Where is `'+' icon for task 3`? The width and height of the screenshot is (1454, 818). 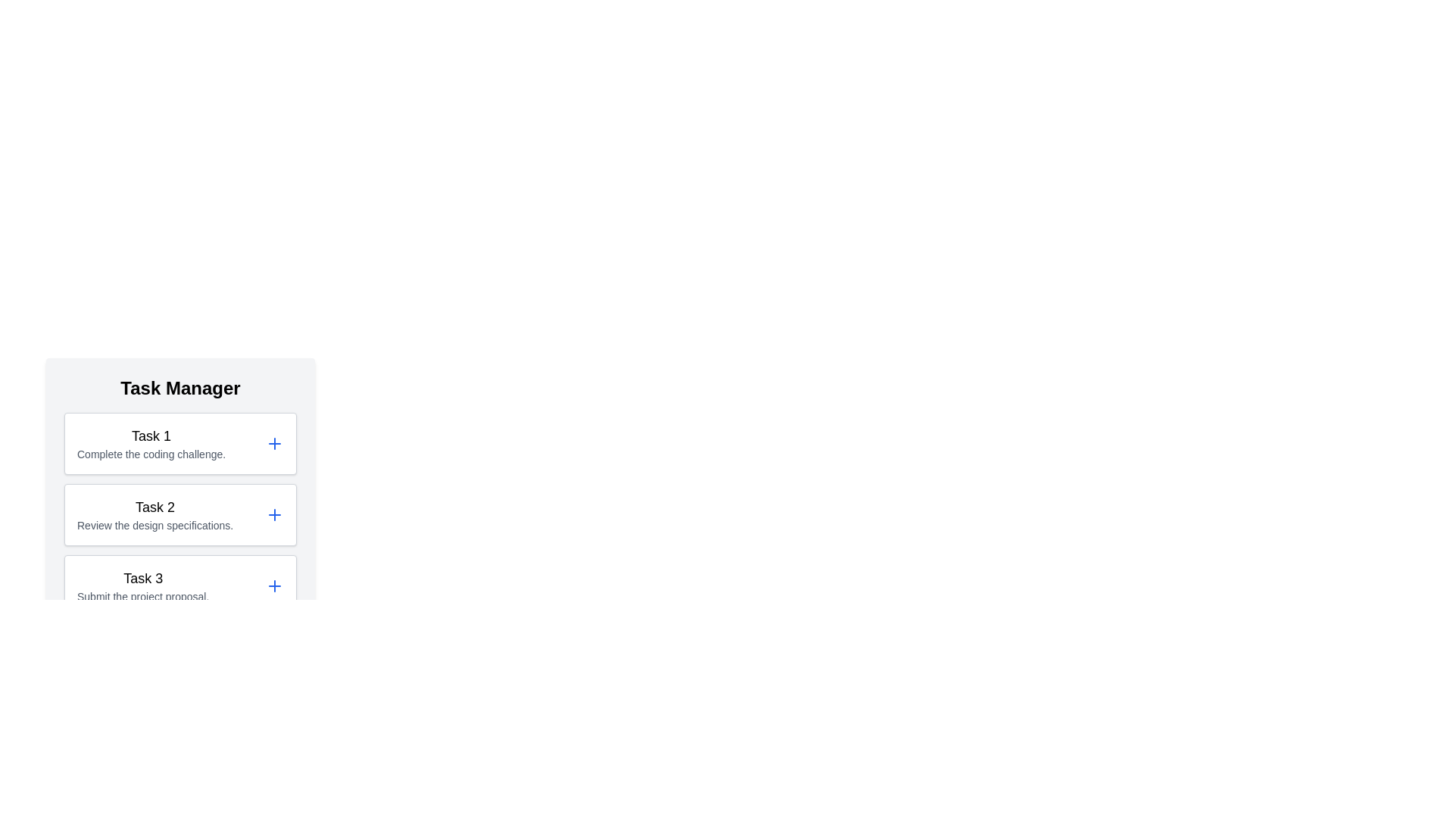 '+' icon for task 3 is located at coordinates (275, 585).